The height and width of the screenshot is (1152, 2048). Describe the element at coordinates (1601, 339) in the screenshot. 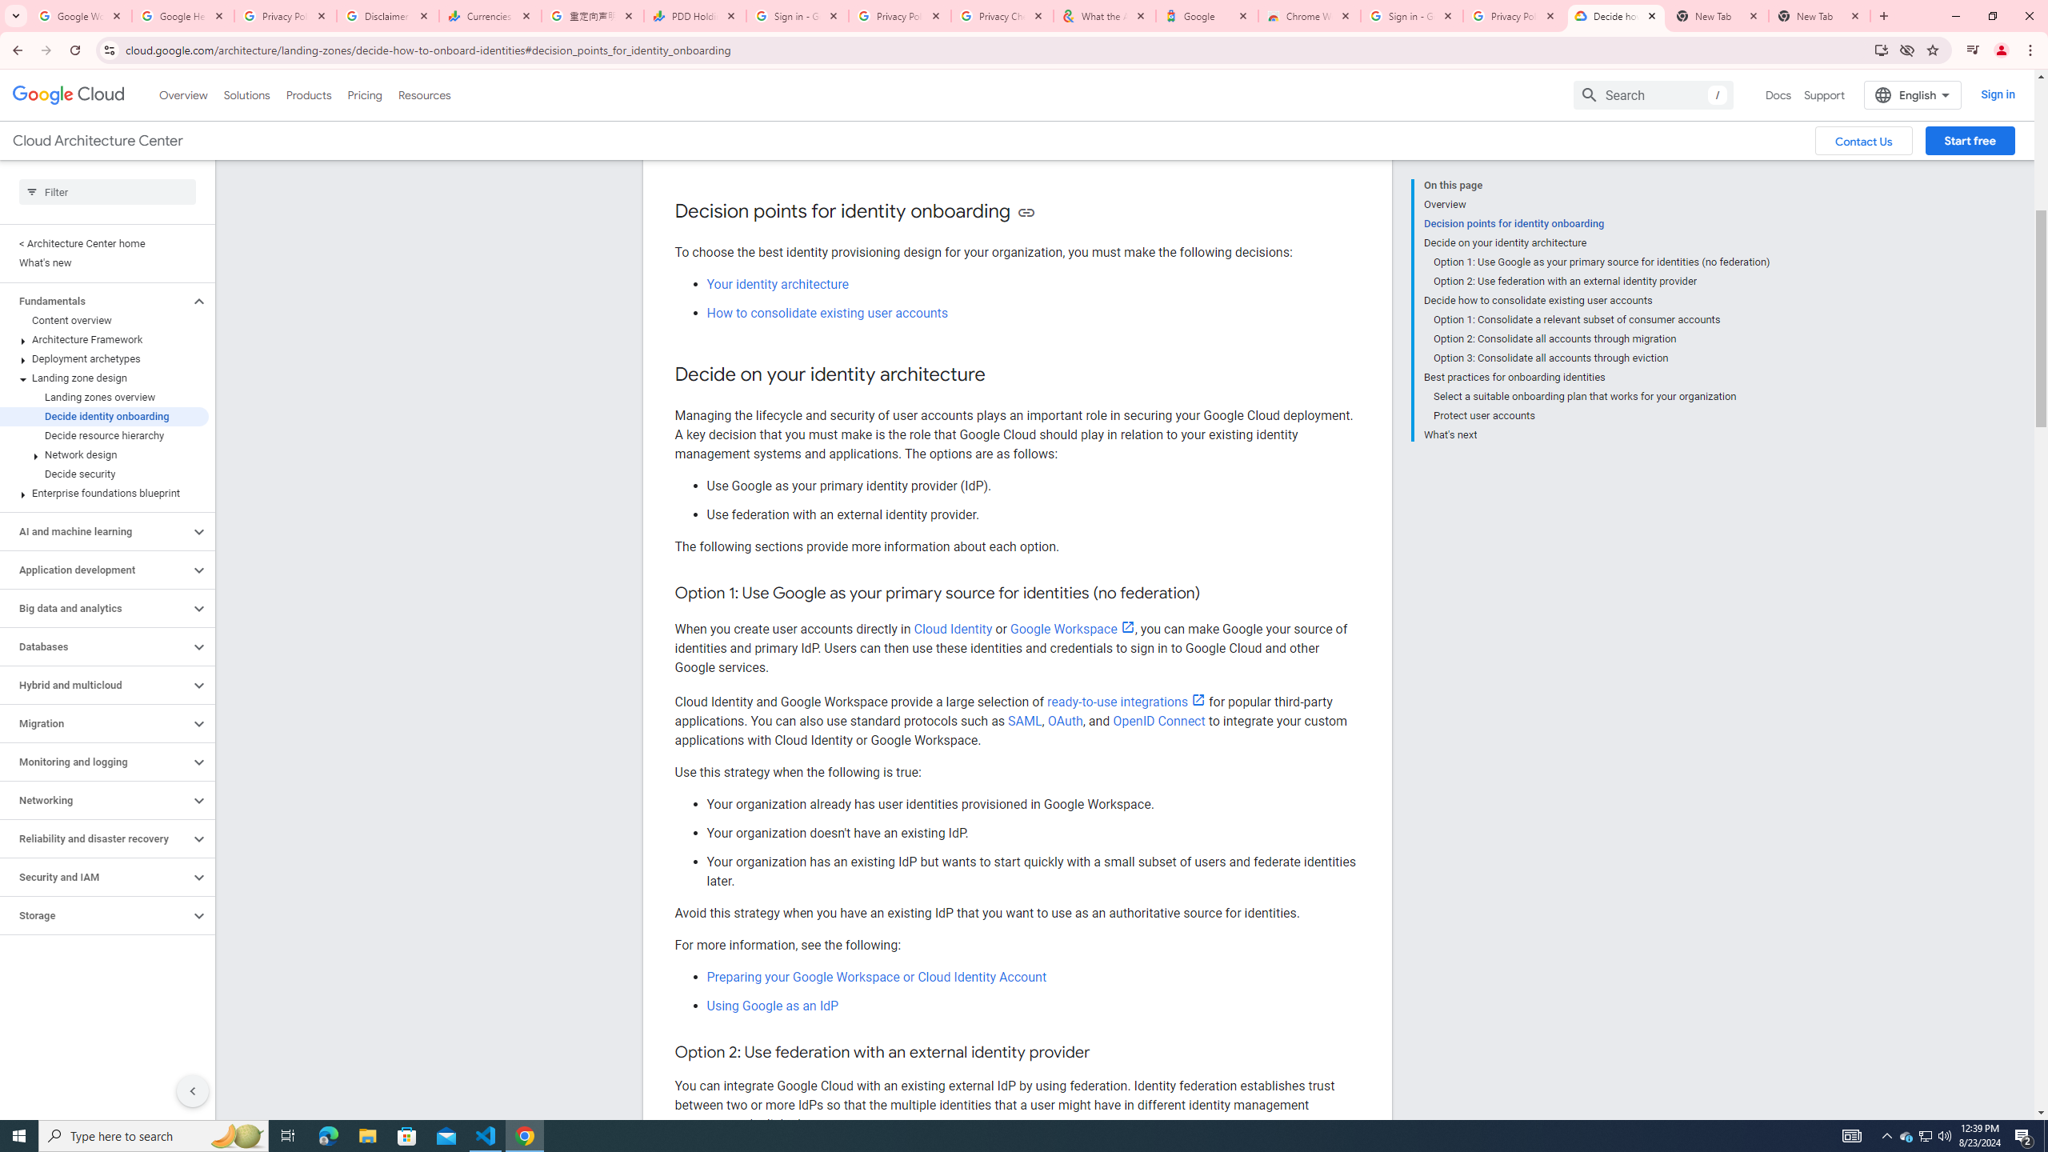

I see `'Option 2: Consolidate all accounts through migration'` at that location.